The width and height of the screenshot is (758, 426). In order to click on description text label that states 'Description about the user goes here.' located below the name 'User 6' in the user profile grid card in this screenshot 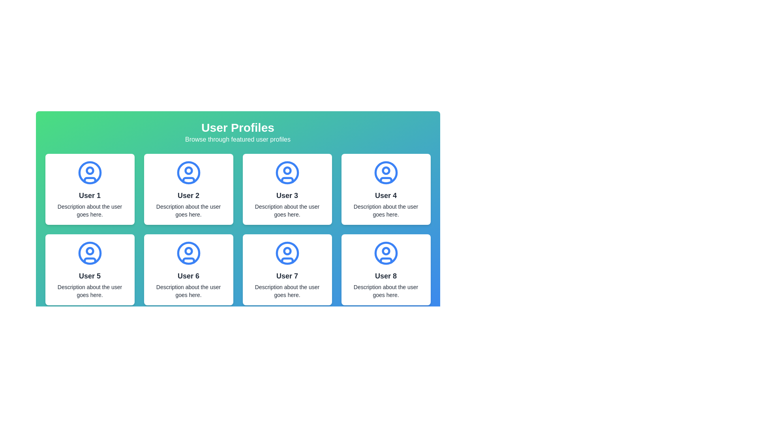, I will do `click(188, 291)`.